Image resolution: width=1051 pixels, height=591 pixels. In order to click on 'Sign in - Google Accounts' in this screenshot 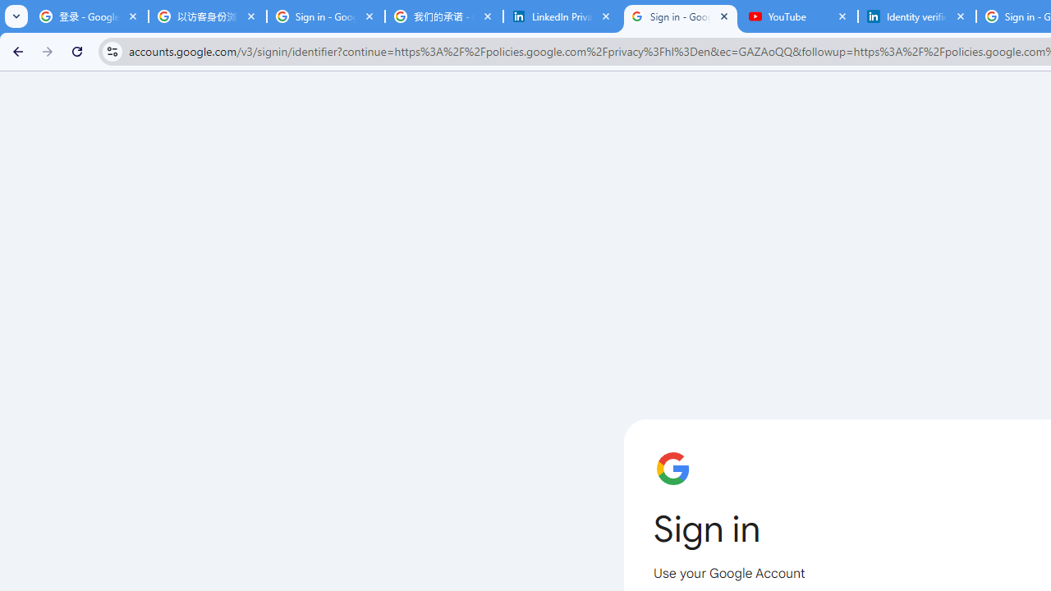, I will do `click(680, 16)`.